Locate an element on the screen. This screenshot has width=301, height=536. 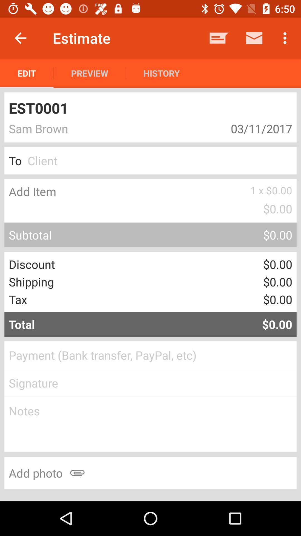
app to the right of history icon is located at coordinates (219, 38).